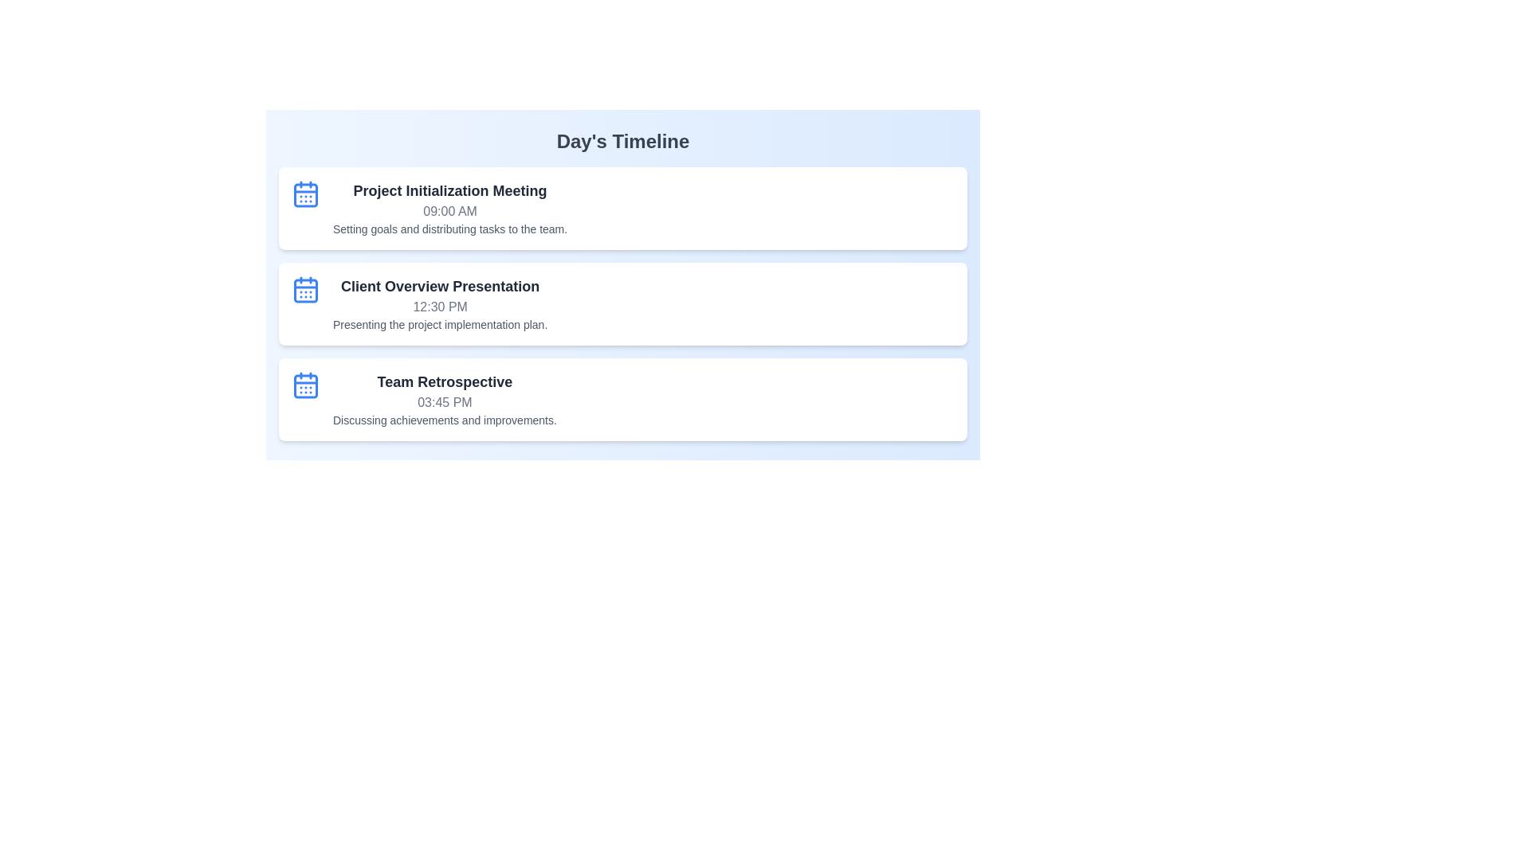  I want to click on the text label displaying the scheduled time for the 'Client Overview Presentation' event, which is located below the heading and above the project description, so click(440, 307).